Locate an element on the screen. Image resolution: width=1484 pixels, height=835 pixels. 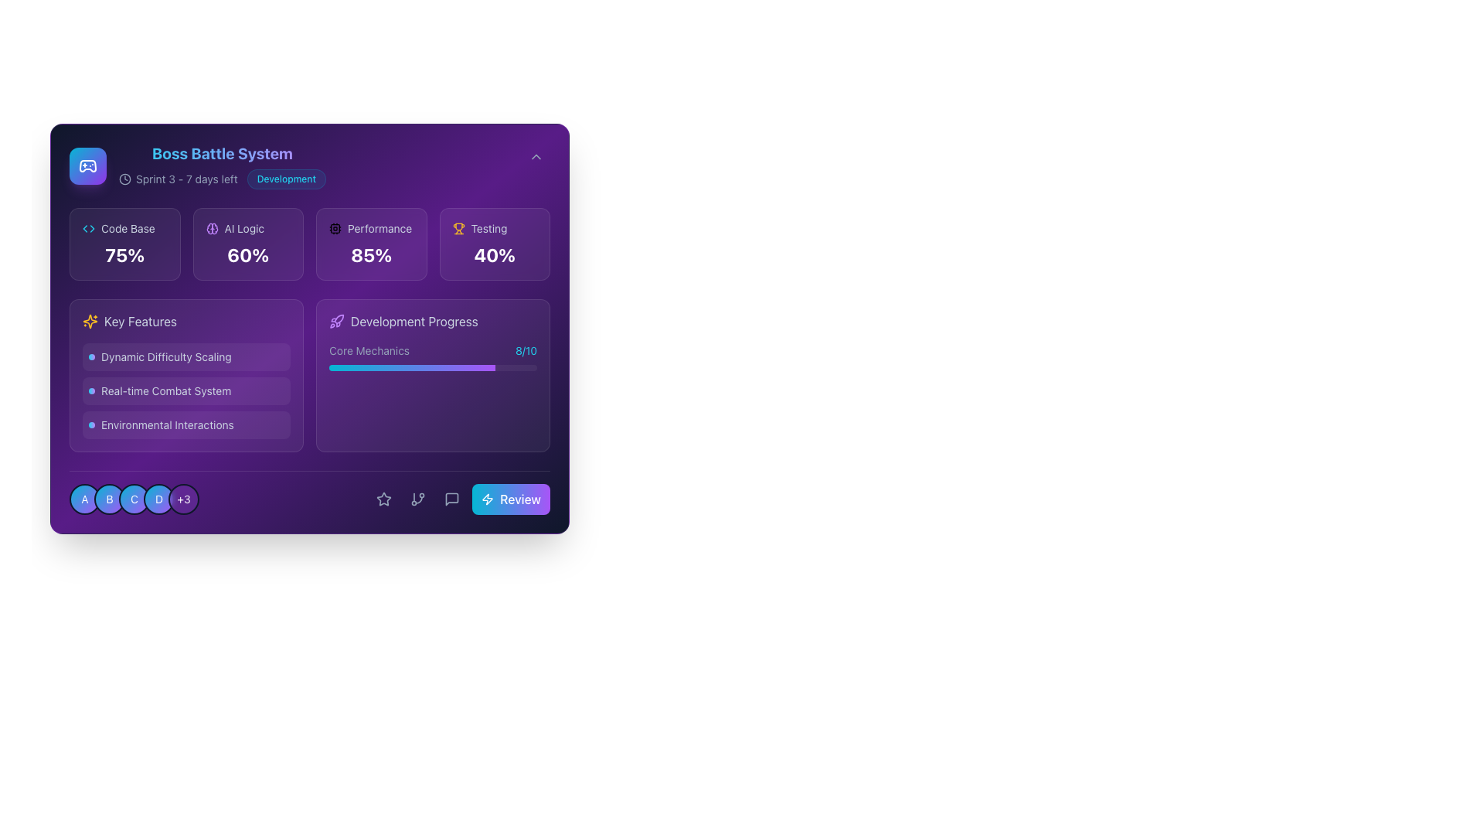
the decorative AI logic icon located in the top central section of the interface, directly aligned to the left of the numeric representation '60% is located at coordinates (211, 229).